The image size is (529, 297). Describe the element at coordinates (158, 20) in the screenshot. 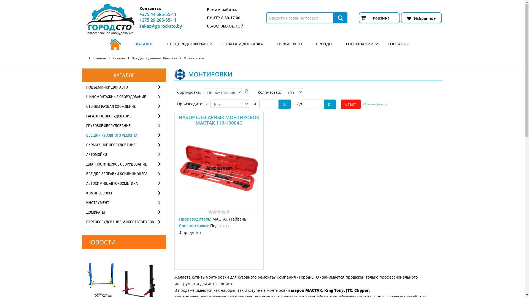

I see `'+375 29 285-55-11'` at that location.